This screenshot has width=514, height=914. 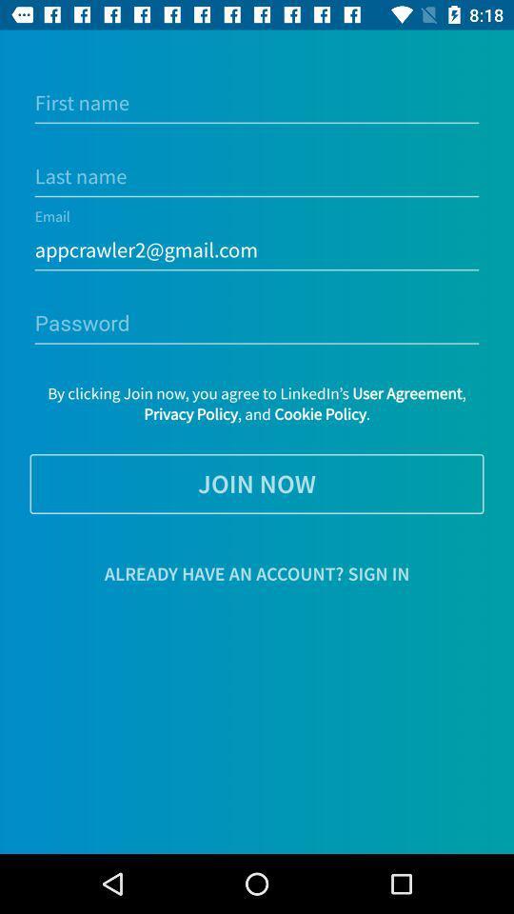 I want to click on password, so click(x=257, y=324).